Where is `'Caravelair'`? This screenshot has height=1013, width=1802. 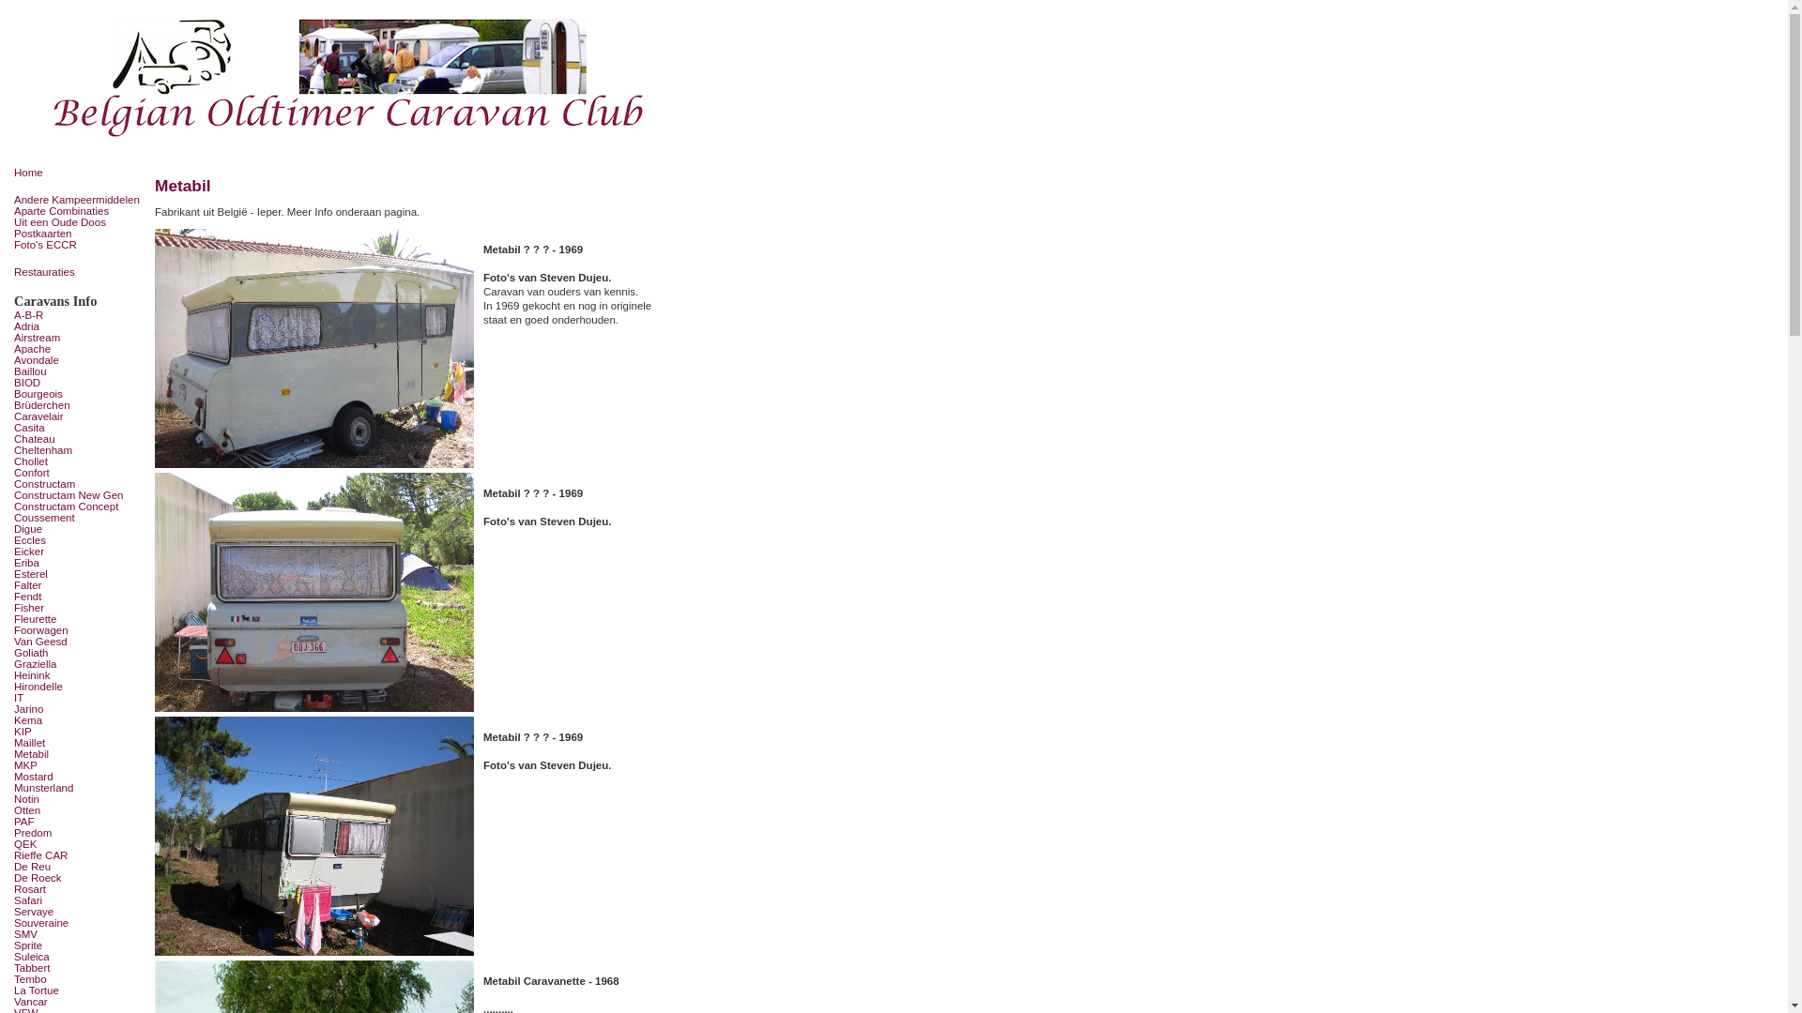 'Caravelair' is located at coordinates (13, 415).